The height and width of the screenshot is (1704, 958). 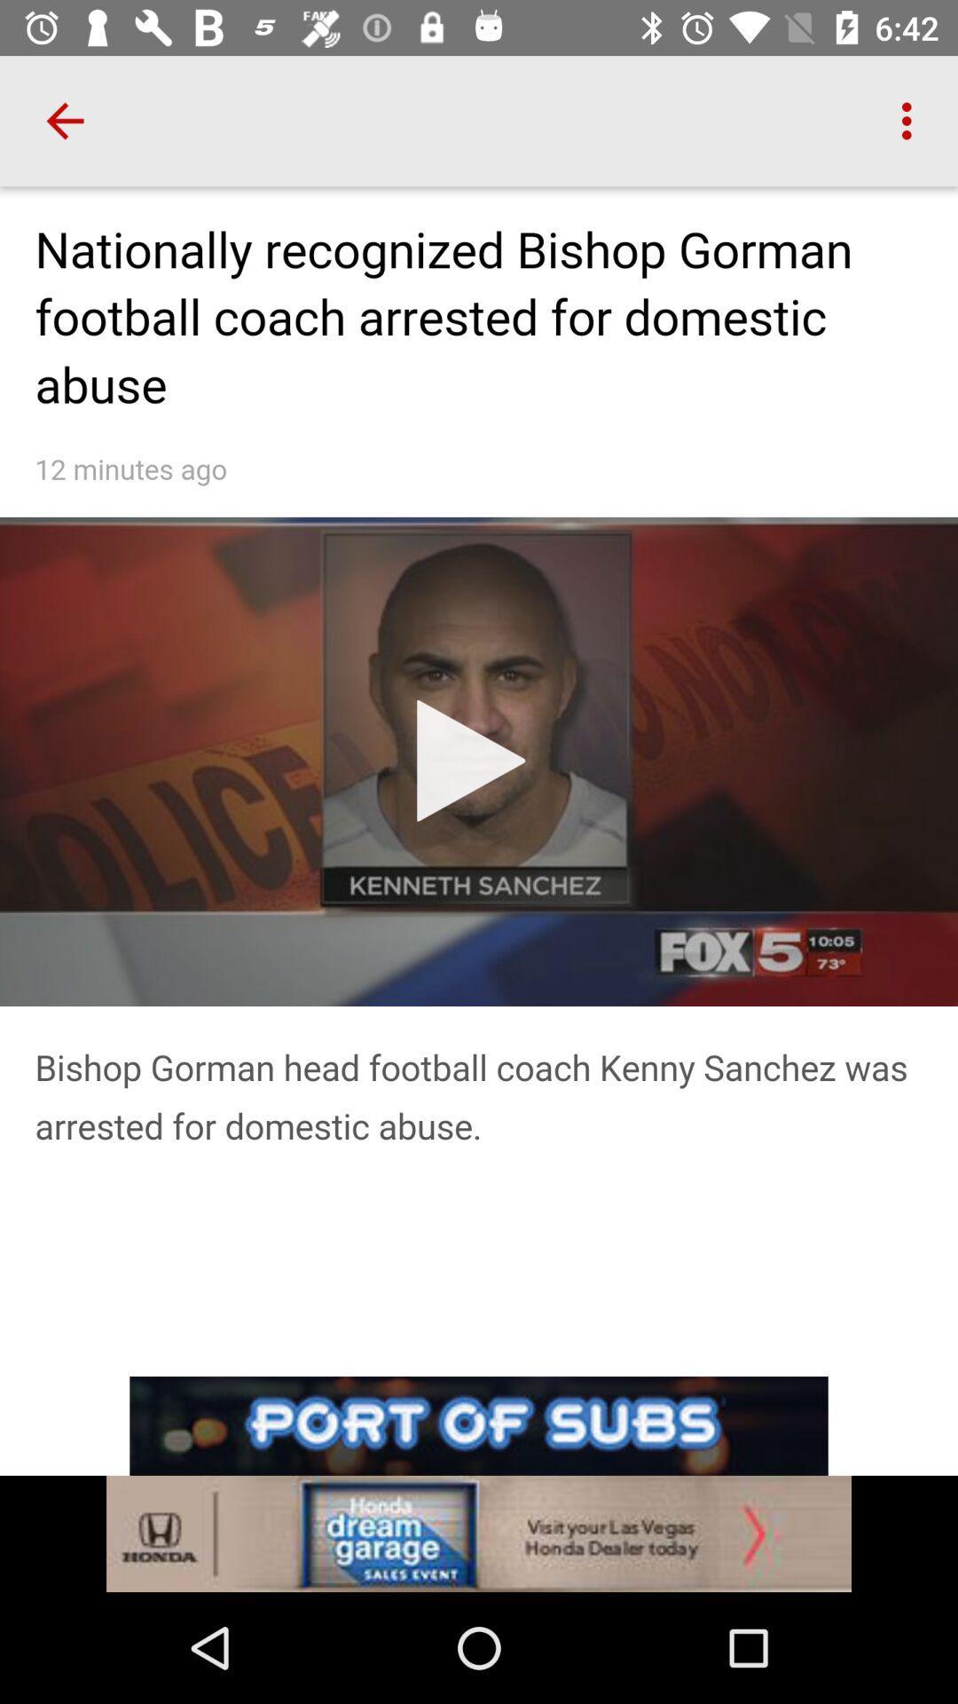 What do you see at coordinates (479, 1484) in the screenshot?
I see `sponsor advertisement for port of subs` at bounding box center [479, 1484].